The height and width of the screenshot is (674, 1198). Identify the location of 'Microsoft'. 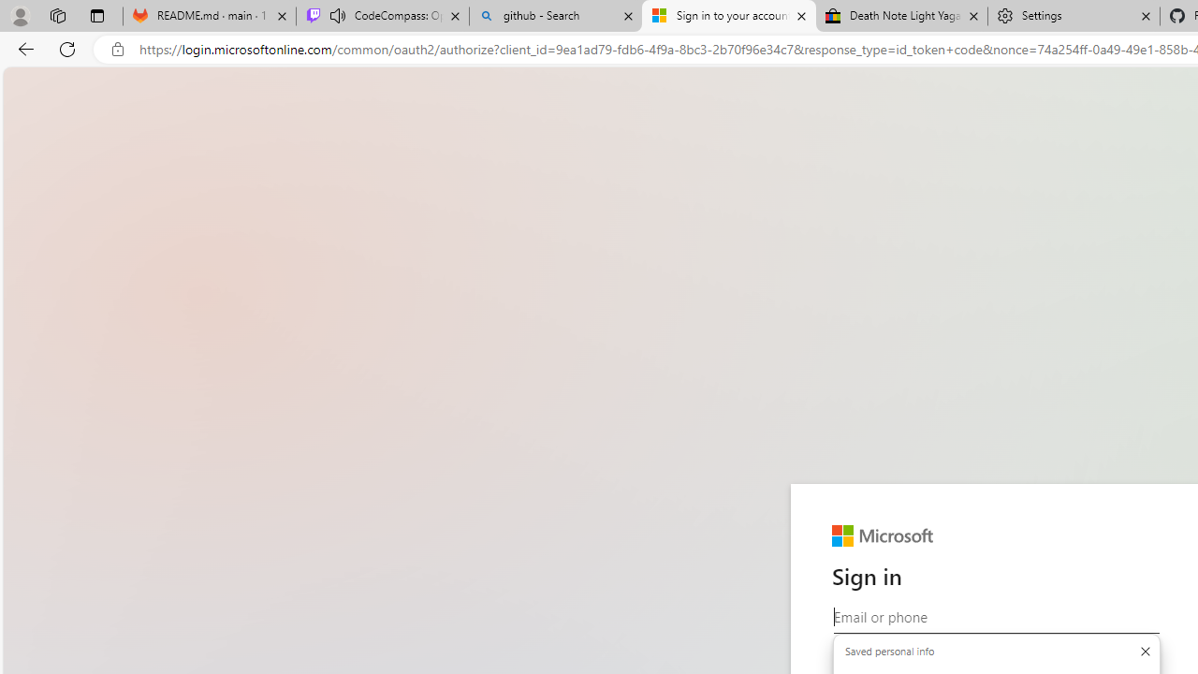
(882, 536).